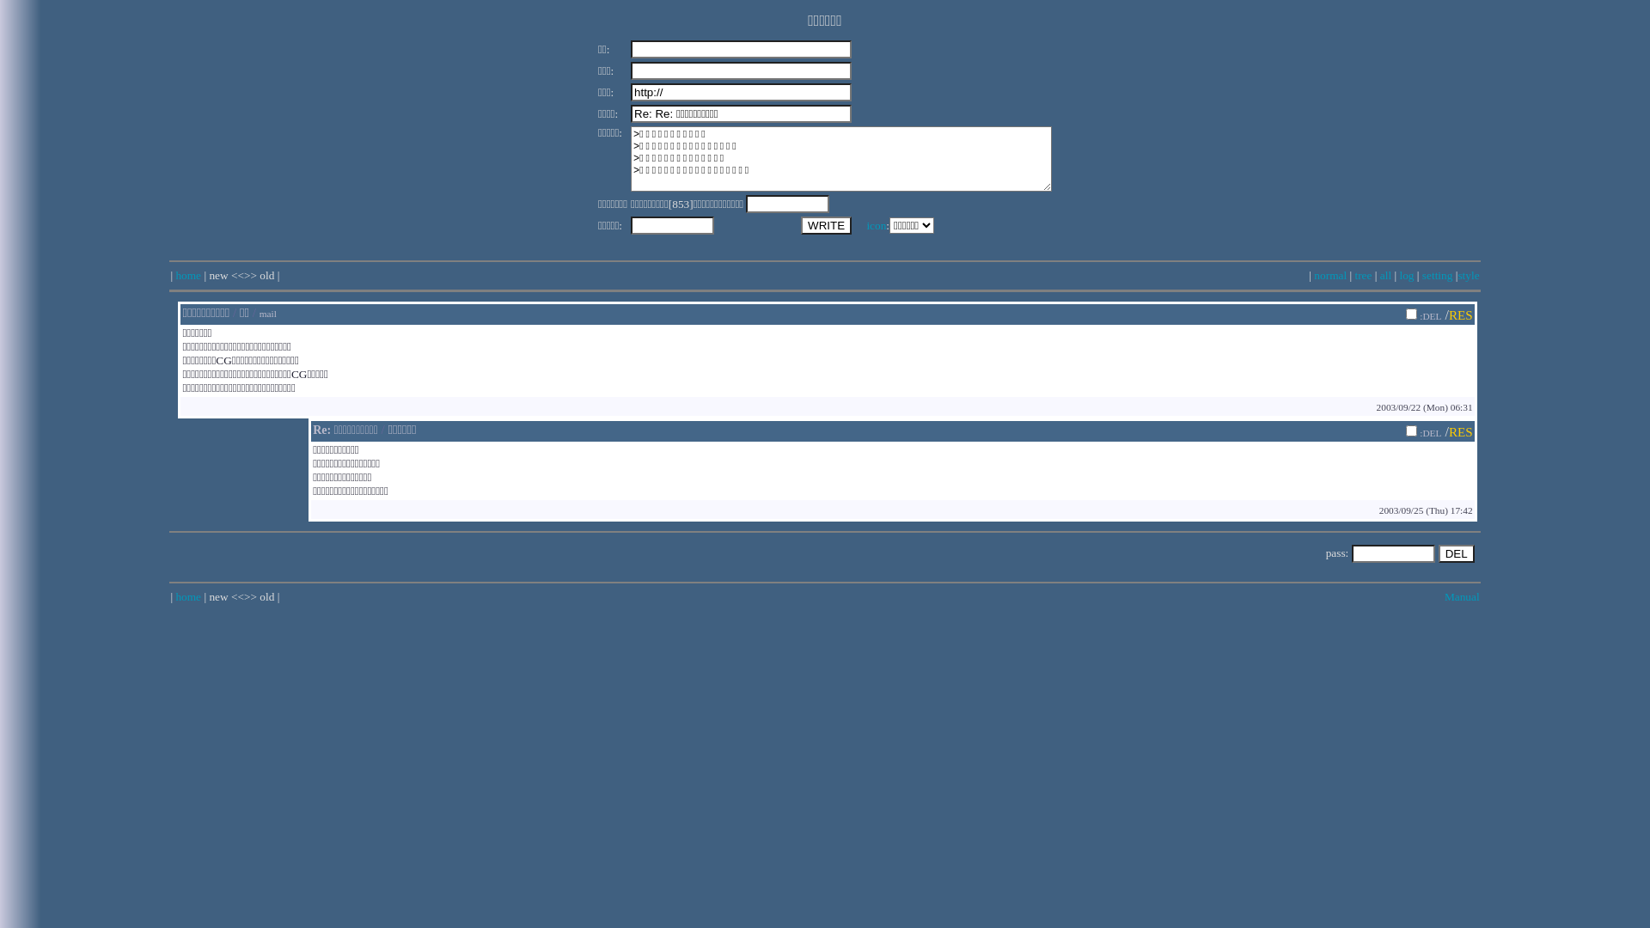 This screenshot has height=928, width=1650. I want to click on 'Manual', so click(1461, 595).